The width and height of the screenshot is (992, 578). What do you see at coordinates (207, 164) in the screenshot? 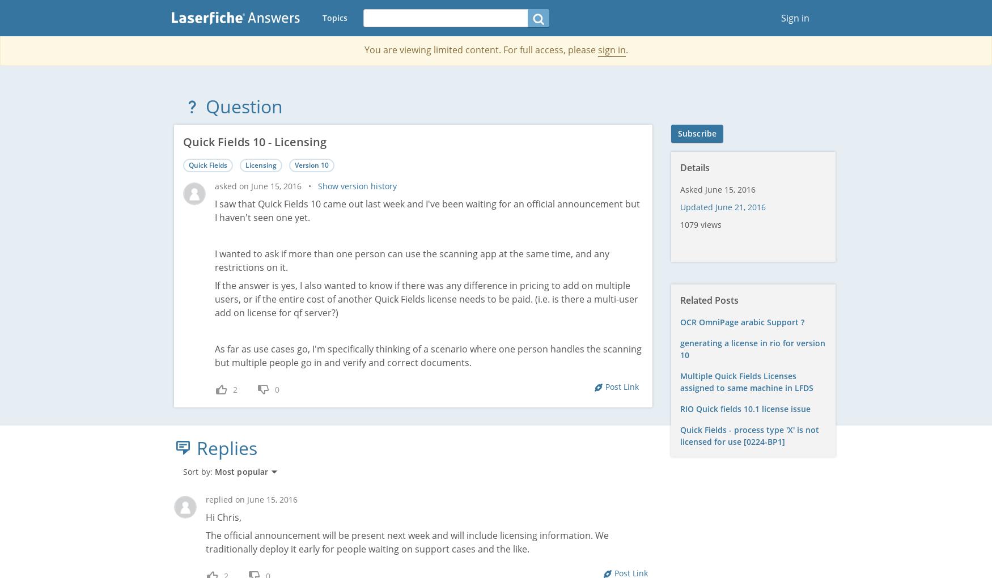
I see `'Quick Fields'` at bounding box center [207, 164].